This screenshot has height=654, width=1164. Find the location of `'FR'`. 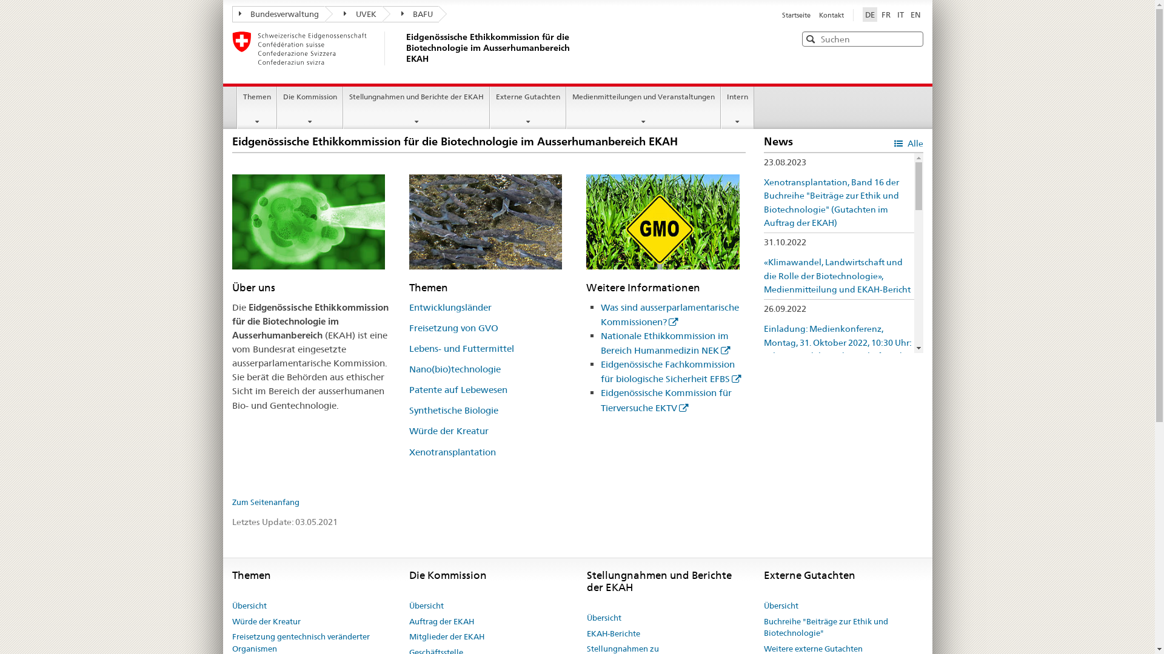

'FR' is located at coordinates (886, 14).